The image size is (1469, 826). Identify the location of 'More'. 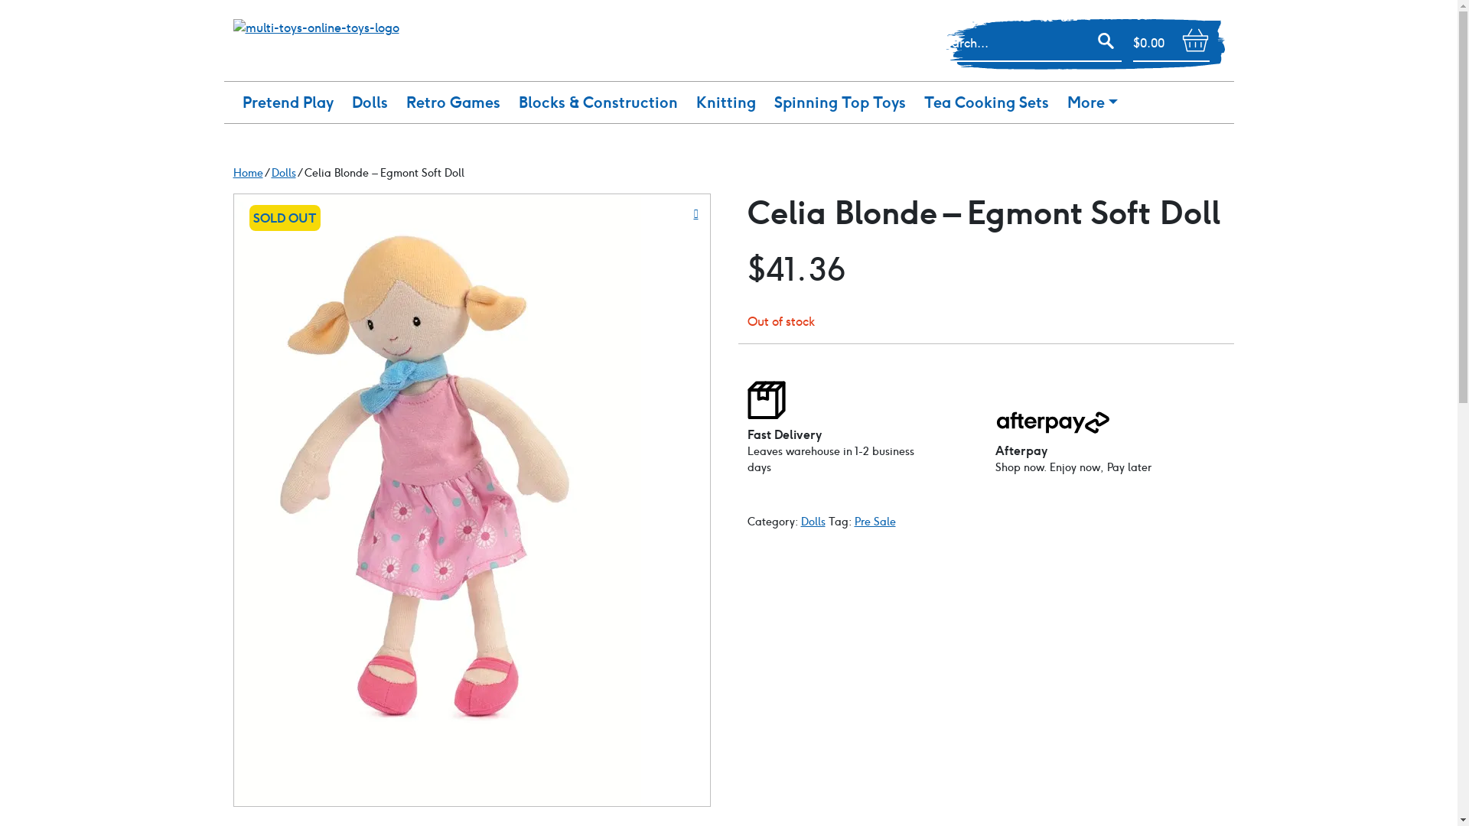
(1090, 102).